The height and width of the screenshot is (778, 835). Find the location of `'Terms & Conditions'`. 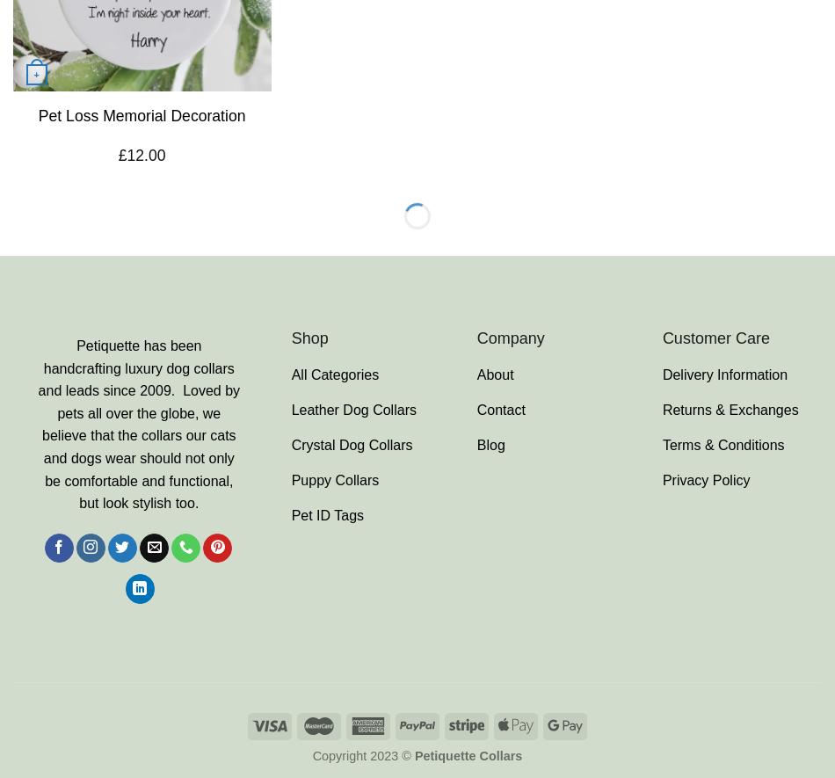

'Terms & Conditions' is located at coordinates (722, 444).